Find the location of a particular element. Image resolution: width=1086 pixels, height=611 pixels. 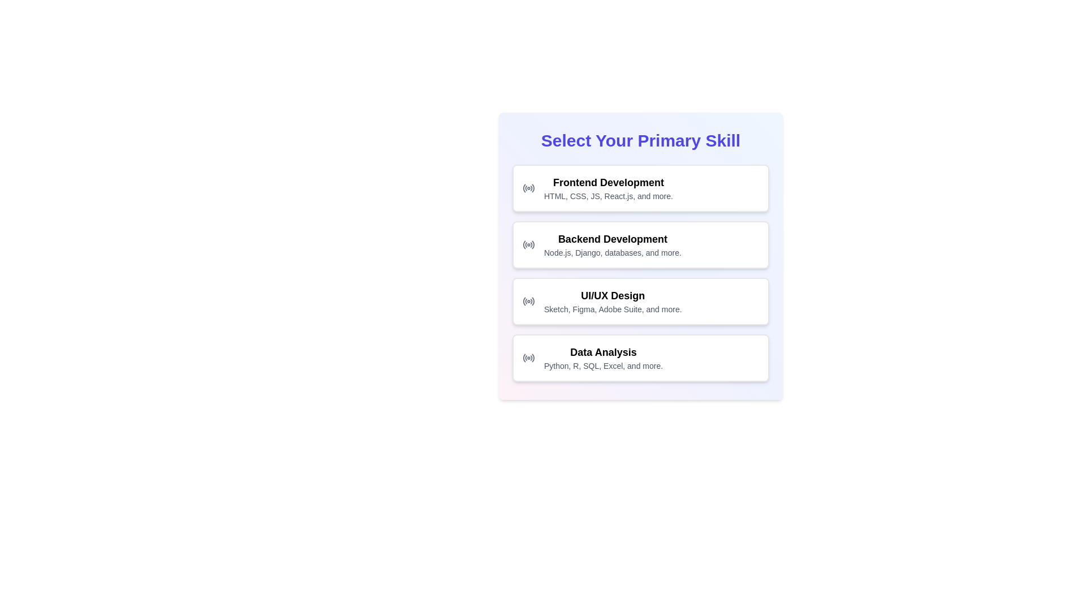

the innermost SVG curve of the left wave group in the radio wave icon for the UI/UX Design option, as it may have interactive behavior is located at coordinates (524, 300).